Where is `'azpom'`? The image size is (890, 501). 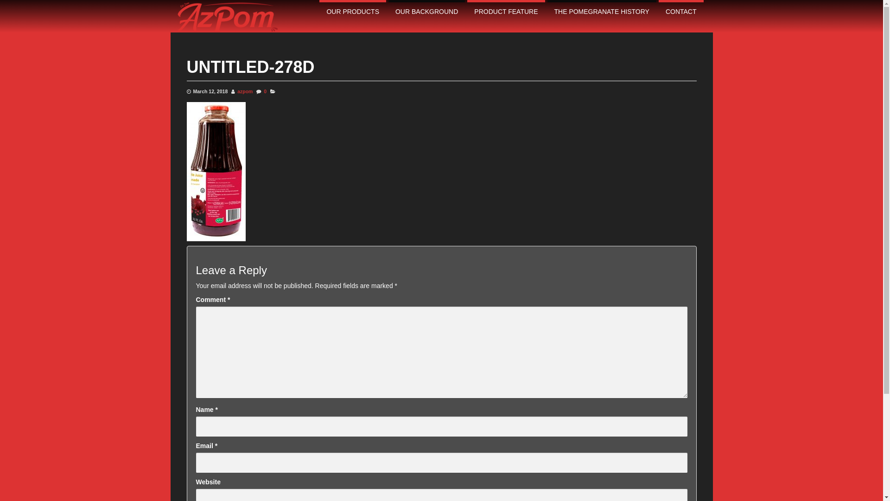
'azpom' is located at coordinates (245, 91).